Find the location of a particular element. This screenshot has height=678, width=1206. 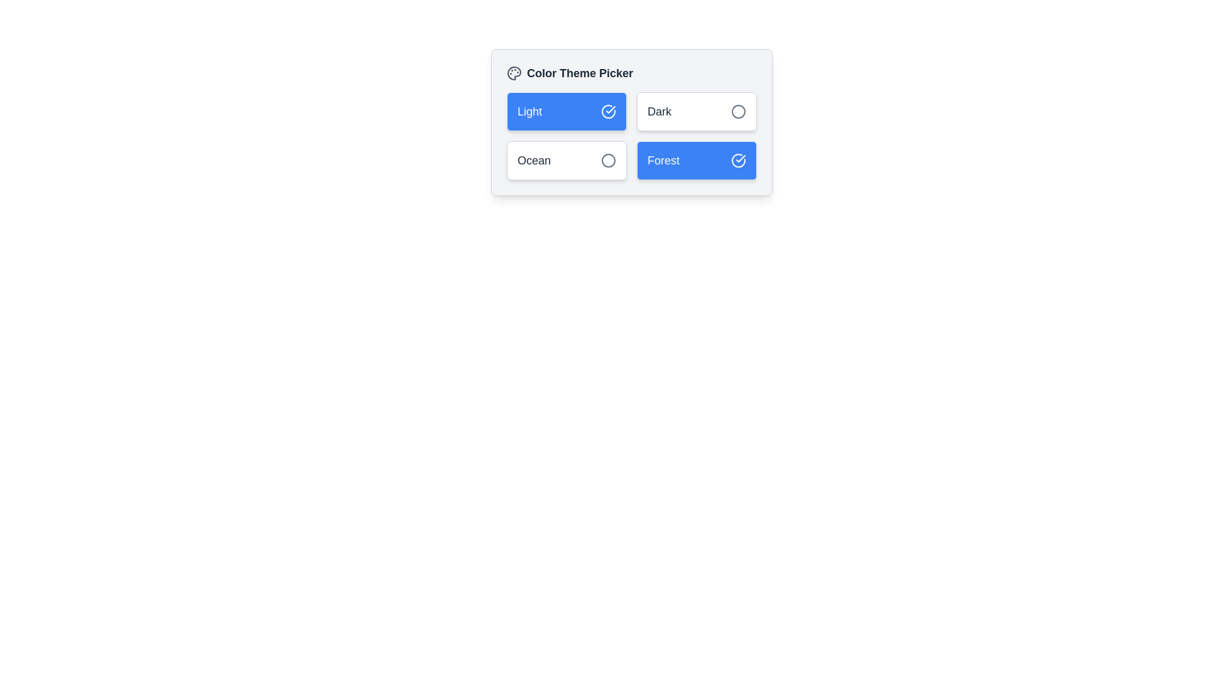

the button labeled Forest to observe visual feedback is located at coordinates (696, 159).